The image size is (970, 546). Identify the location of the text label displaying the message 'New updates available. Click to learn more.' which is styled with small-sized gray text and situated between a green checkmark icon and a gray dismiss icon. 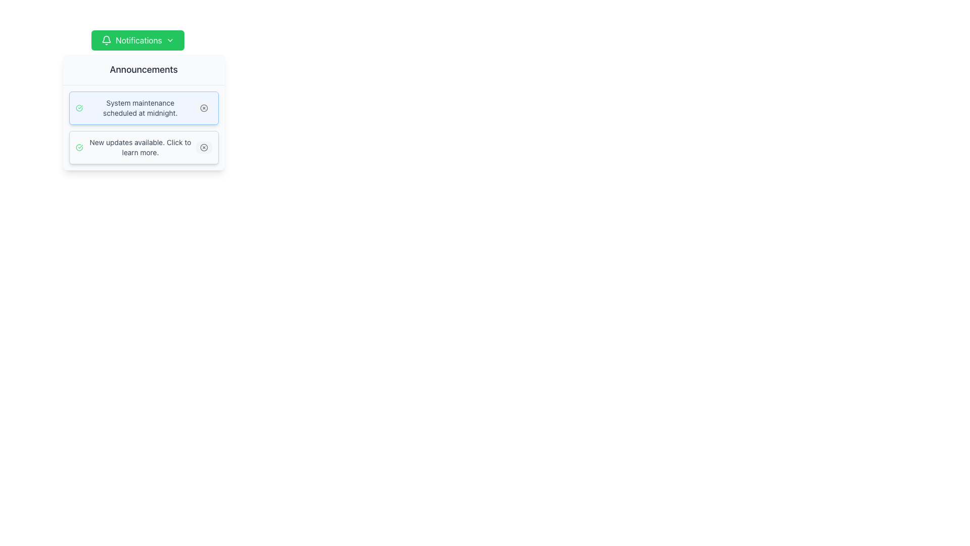
(140, 148).